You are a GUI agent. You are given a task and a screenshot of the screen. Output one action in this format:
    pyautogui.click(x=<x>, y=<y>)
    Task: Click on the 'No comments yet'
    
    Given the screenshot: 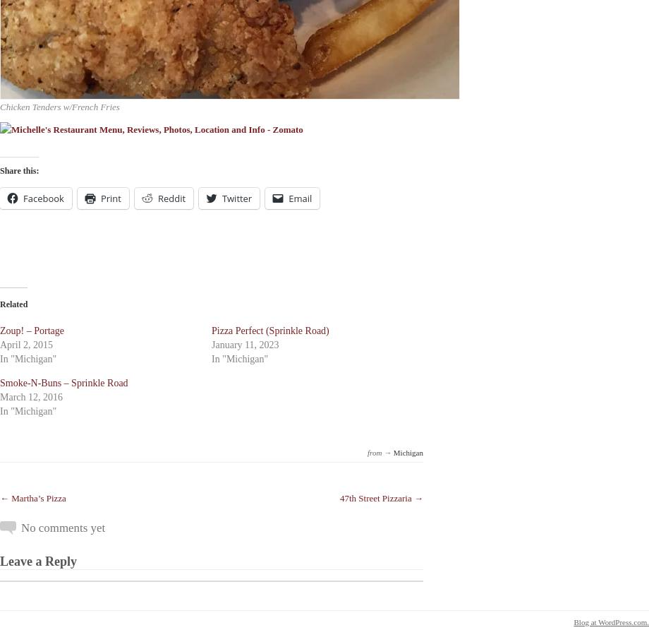 What is the action you would take?
    pyautogui.click(x=63, y=527)
    